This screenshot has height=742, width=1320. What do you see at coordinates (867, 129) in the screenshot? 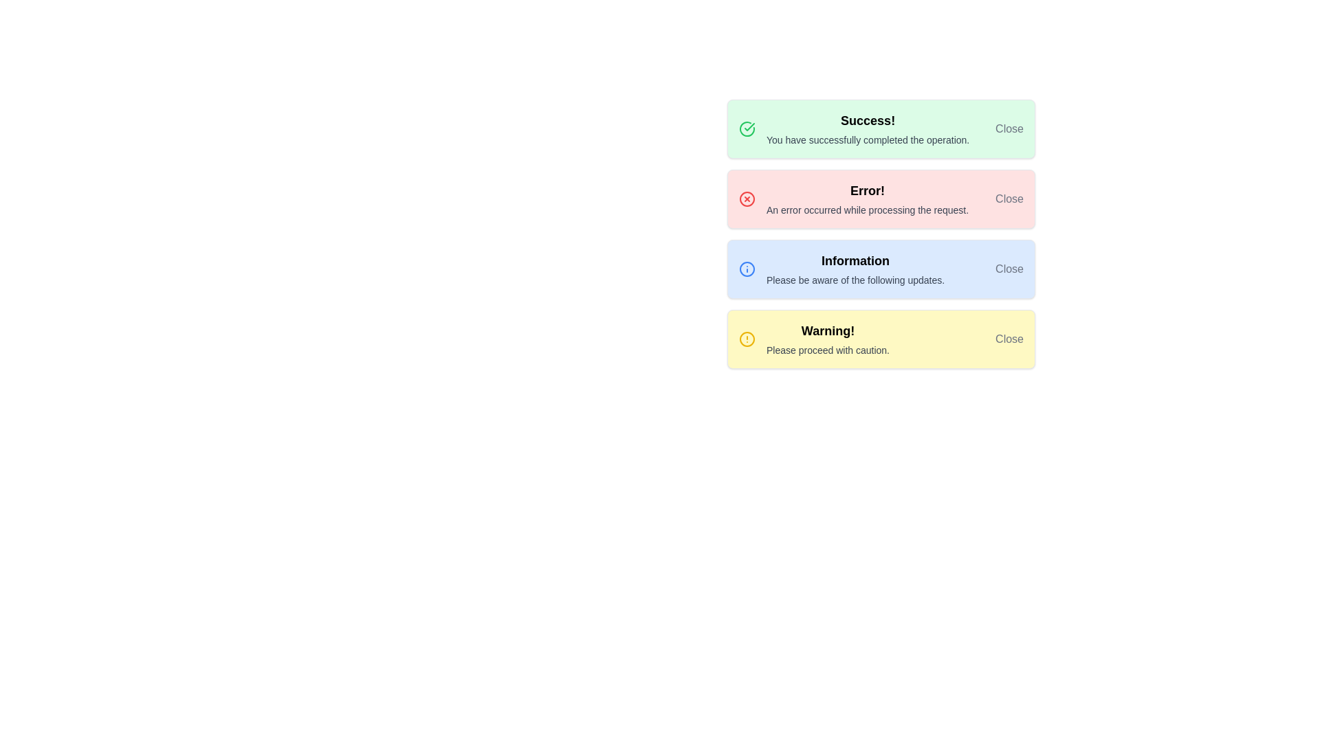
I see `the textual notification message indicating successful completion of an operation, located centrally to the left of the 'Close' button in the notification box` at bounding box center [867, 129].